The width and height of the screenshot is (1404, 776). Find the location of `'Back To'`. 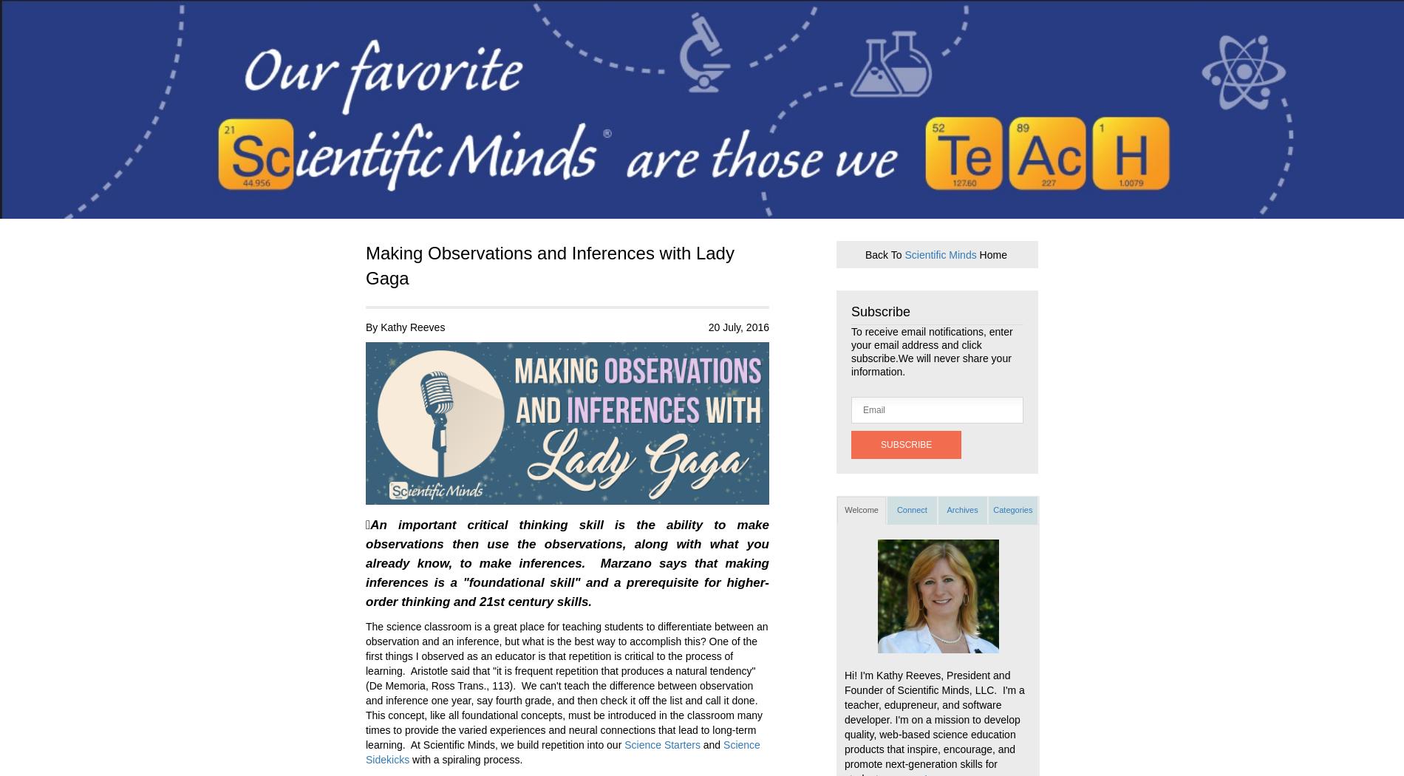

'Back To' is located at coordinates (884, 253).